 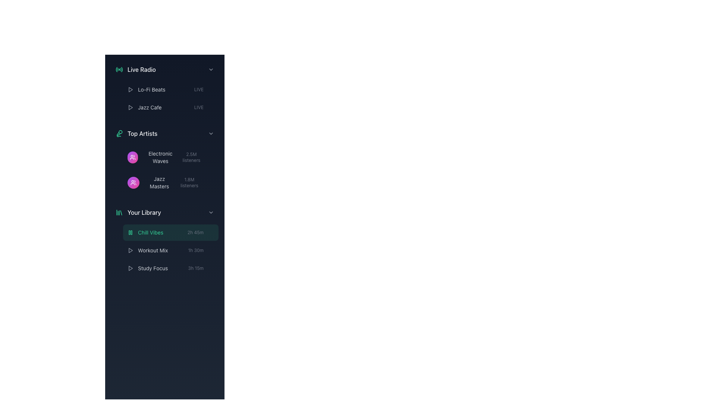 I want to click on the 'Top Artists' button, which features a green microphone icon and is located below the 'Live Radio' section, so click(x=136, y=133).